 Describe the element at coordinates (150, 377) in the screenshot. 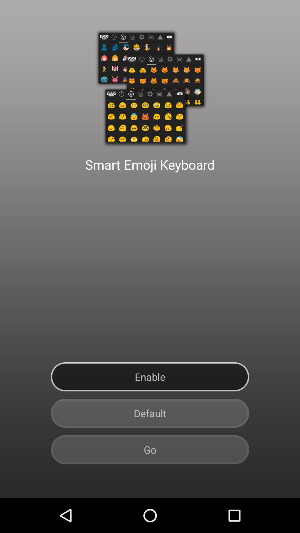

I see `the enable item` at that location.